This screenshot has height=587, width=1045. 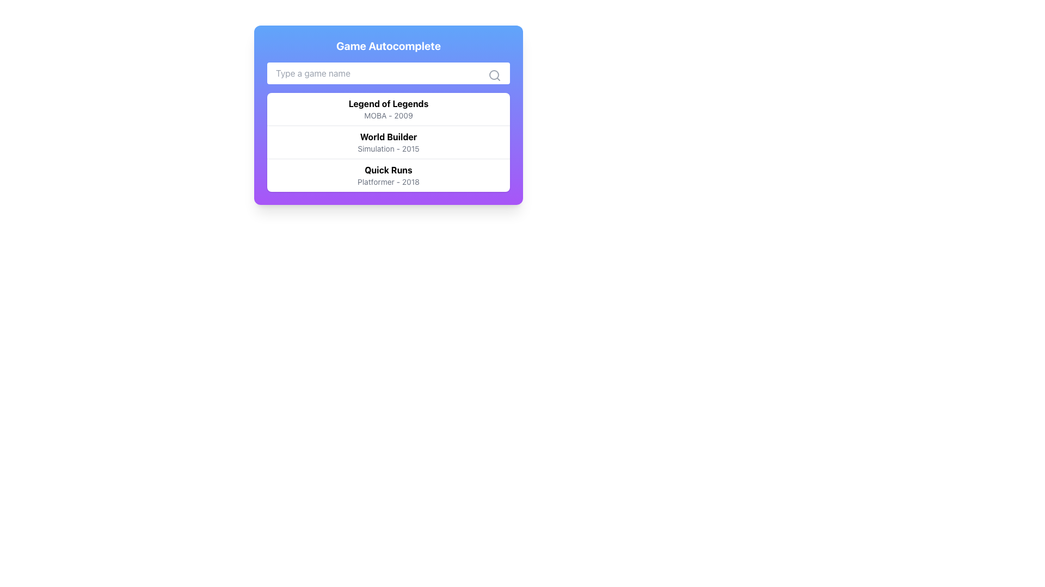 What do you see at coordinates (389, 136) in the screenshot?
I see `the text label displaying 'World Builder' in bold black font, located centrally within the game search interface` at bounding box center [389, 136].